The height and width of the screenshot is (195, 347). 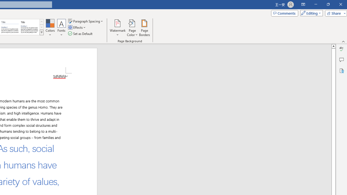 What do you see at coordinates (29, 27) in the screenshot?
I see `'Word 2013'` at bounding box center [29, 27].